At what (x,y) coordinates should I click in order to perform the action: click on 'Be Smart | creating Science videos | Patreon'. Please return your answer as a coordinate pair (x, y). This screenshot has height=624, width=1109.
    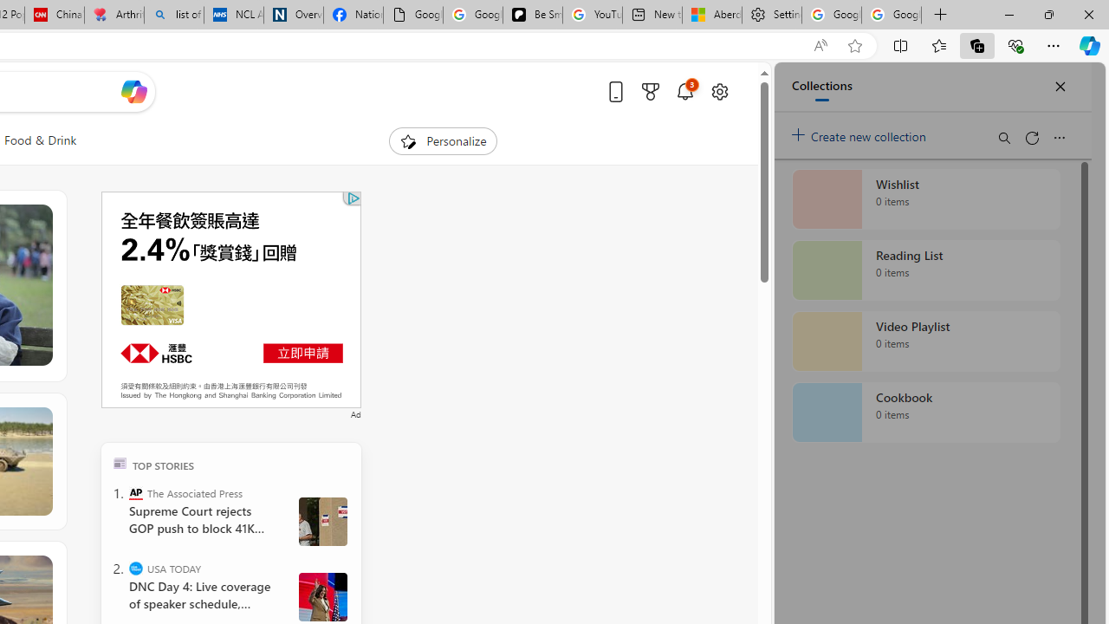
    Looking at the image, I should click on (532, 15).